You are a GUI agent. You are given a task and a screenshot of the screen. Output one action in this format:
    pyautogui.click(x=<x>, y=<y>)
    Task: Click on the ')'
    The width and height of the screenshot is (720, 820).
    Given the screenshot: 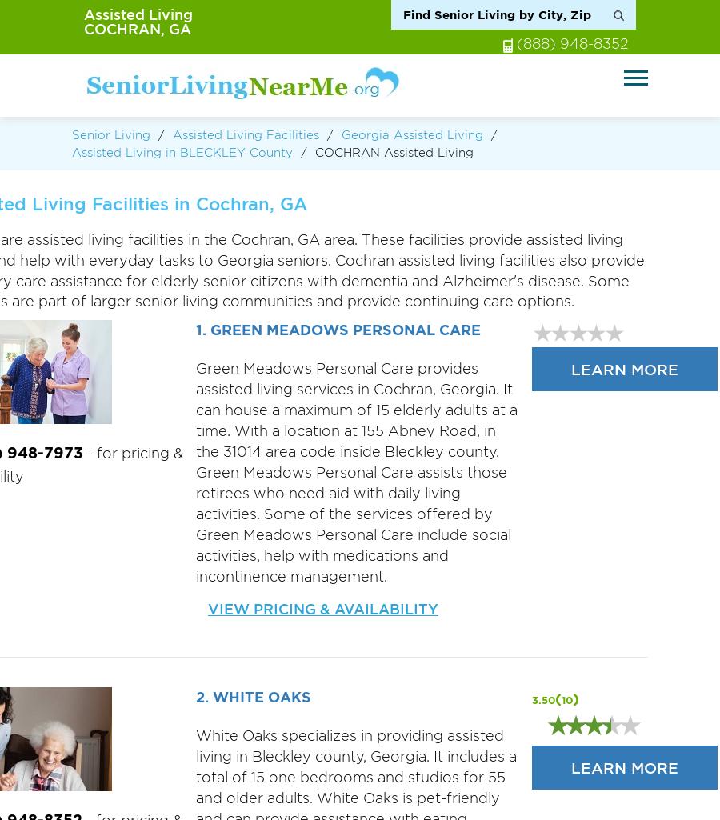 What is the action you would take?
    pyautogui.click(x=574, y=698)
    